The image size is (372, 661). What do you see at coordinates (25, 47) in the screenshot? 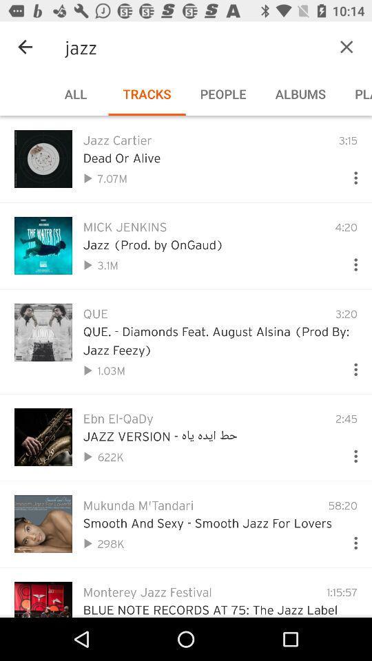
I see `icon to the left of the jazz icon` at bounding box center [25, 47].